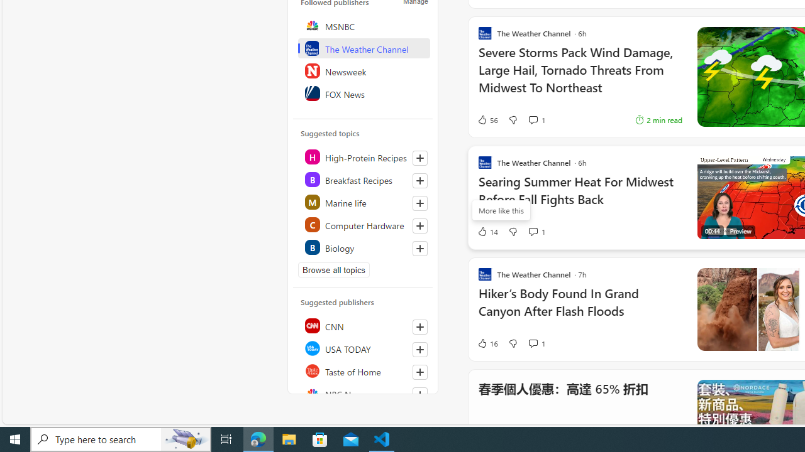  What do you see at coordinates (487, 231) in the screenshot?
I see `'14 Like'` at bounding box center [487, 231].